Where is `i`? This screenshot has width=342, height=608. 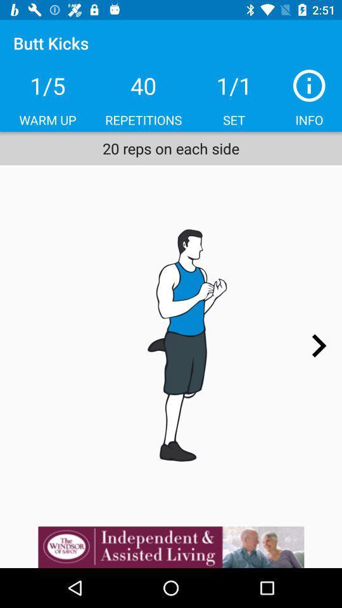
i is located at coordinates (308, 85).